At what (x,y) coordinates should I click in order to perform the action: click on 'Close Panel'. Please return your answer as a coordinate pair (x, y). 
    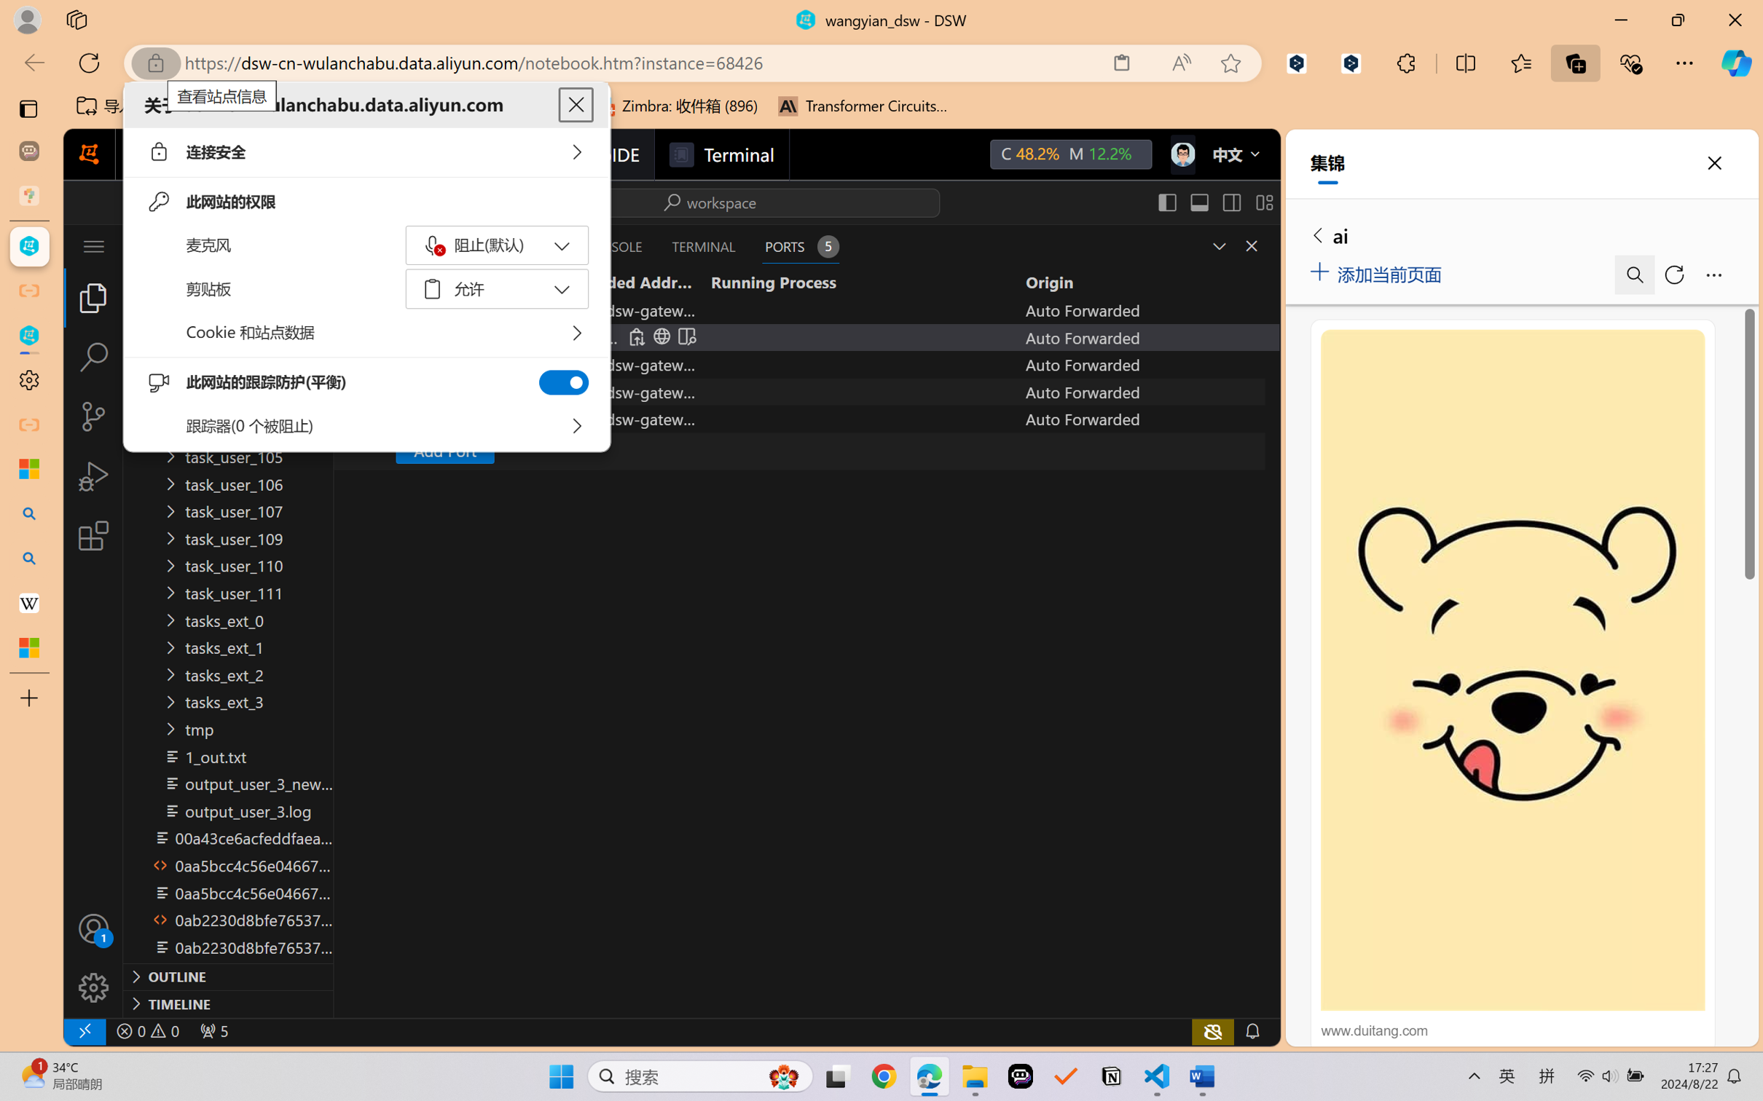
    Looking at the image, I should click on (1251, 245).